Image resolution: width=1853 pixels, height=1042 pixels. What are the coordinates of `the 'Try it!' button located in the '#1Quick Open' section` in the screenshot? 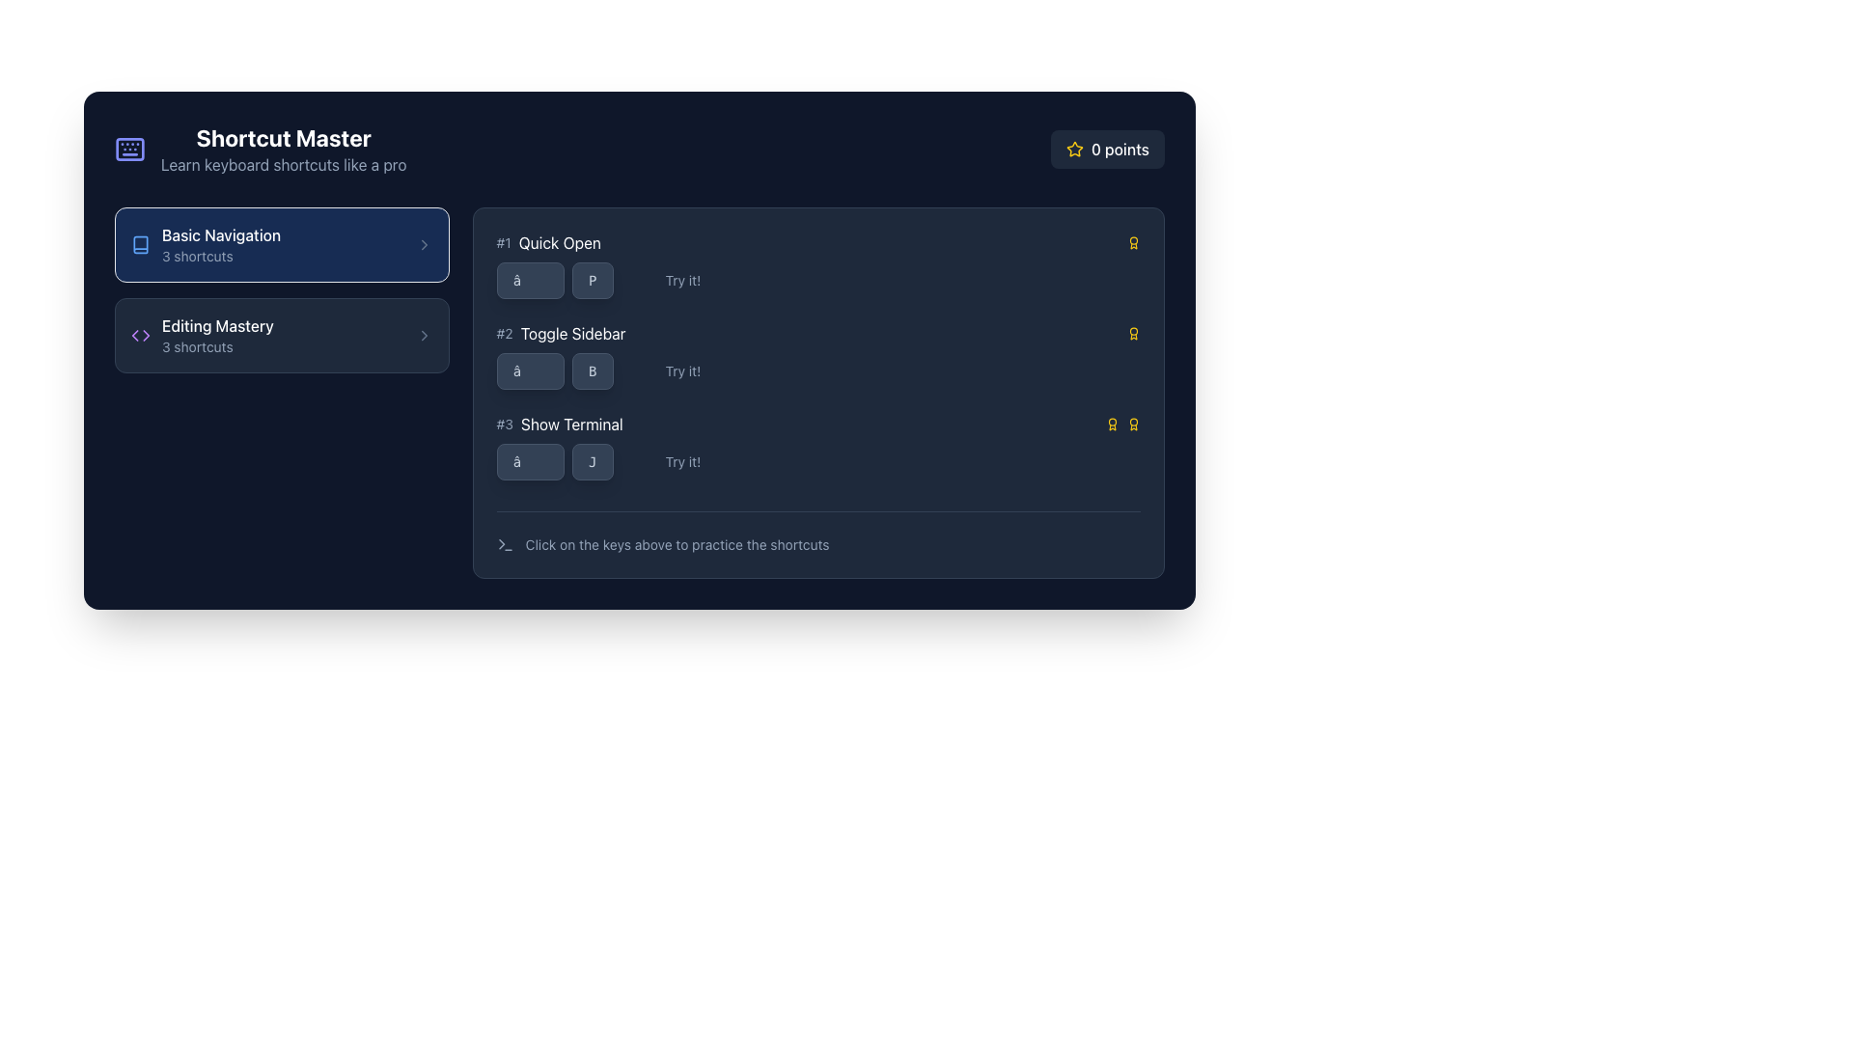 It's located at (818, 280).